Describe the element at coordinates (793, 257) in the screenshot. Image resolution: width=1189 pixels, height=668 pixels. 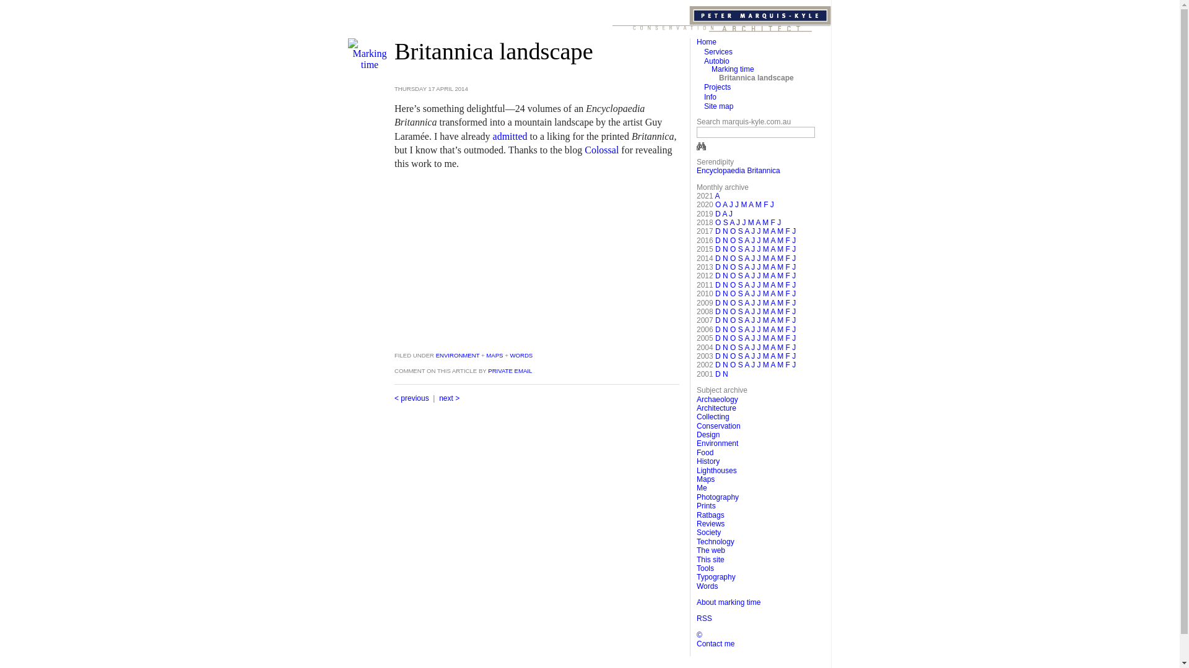
I see `'J'` at that location.